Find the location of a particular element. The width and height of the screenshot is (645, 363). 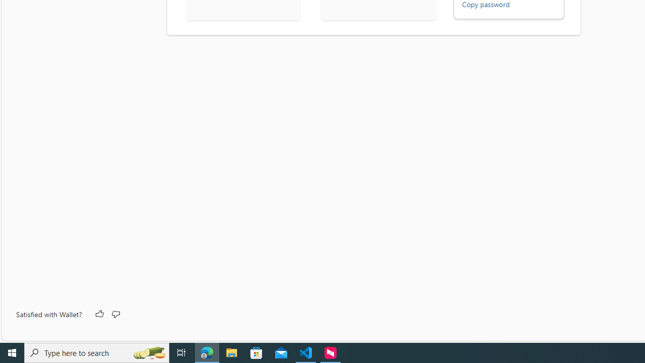

'Start' is located at coordinates (12, 352).